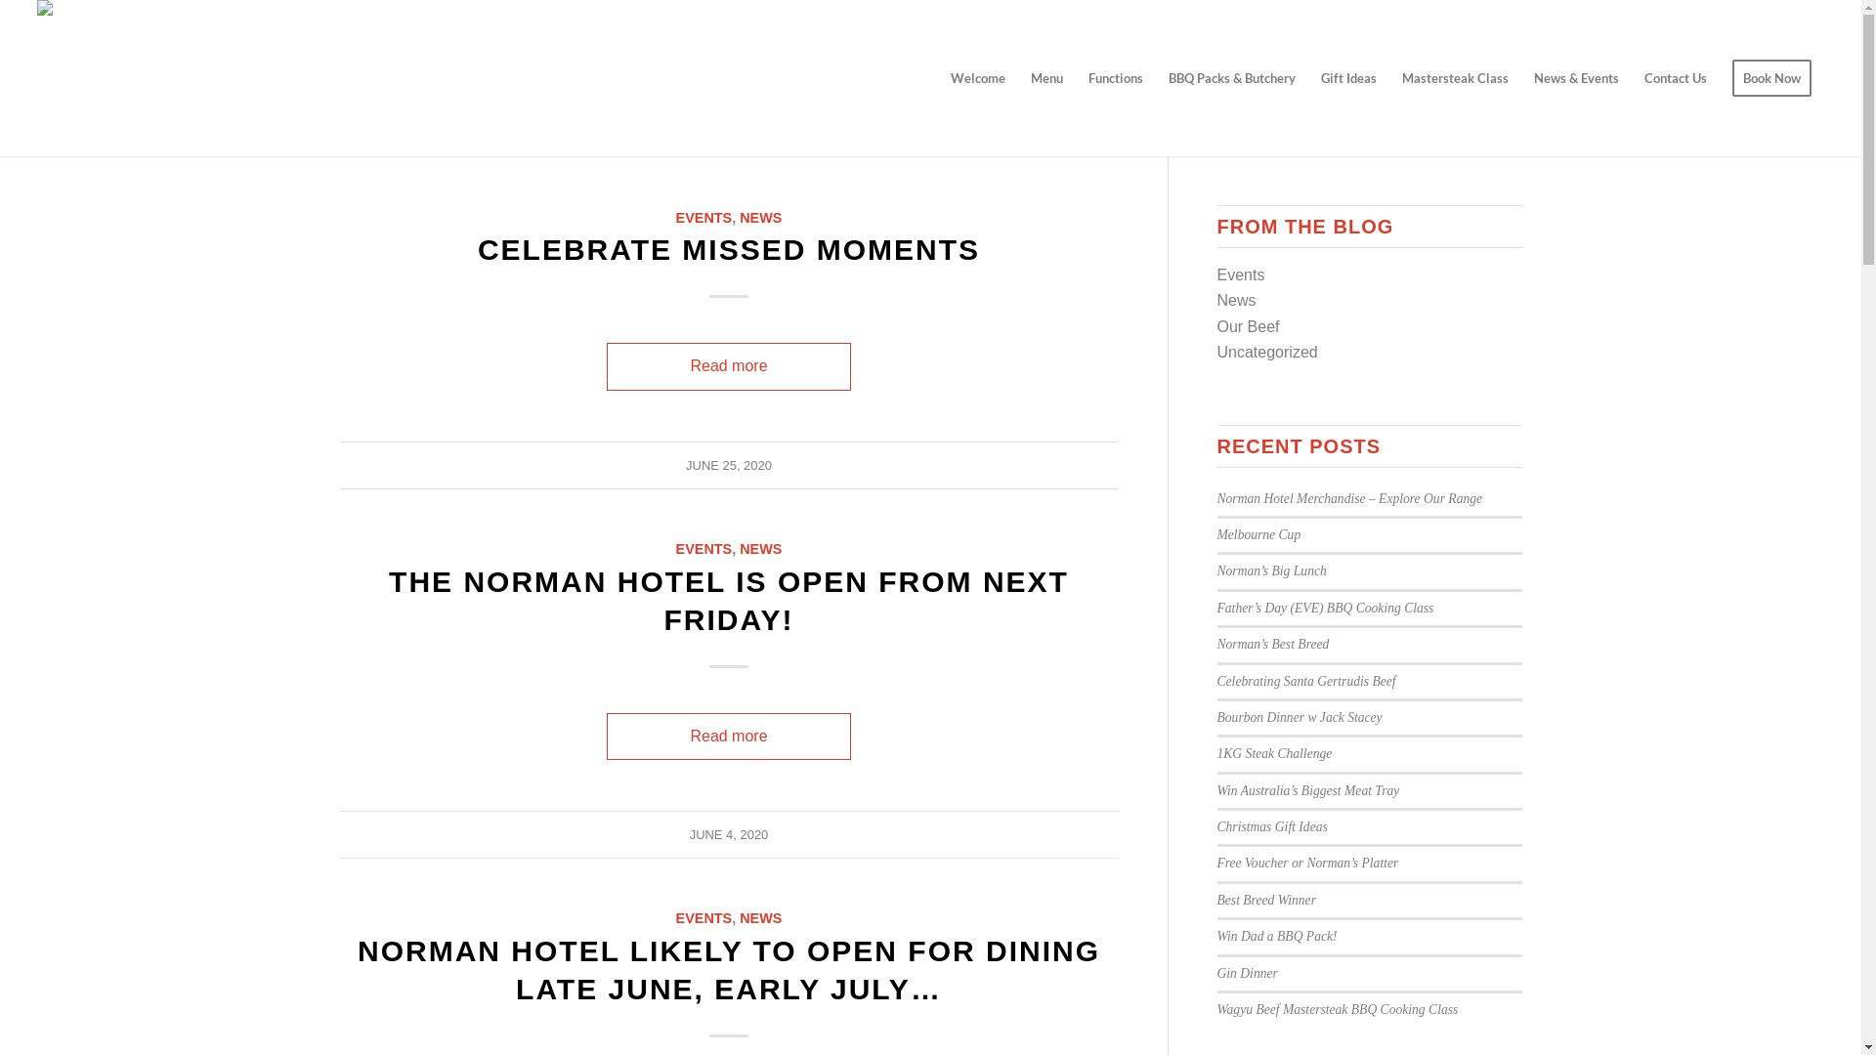 Image resolution: width=1876 pixels, height=1055 pixels. I want to click on 'Menu', so click(1045, 77).